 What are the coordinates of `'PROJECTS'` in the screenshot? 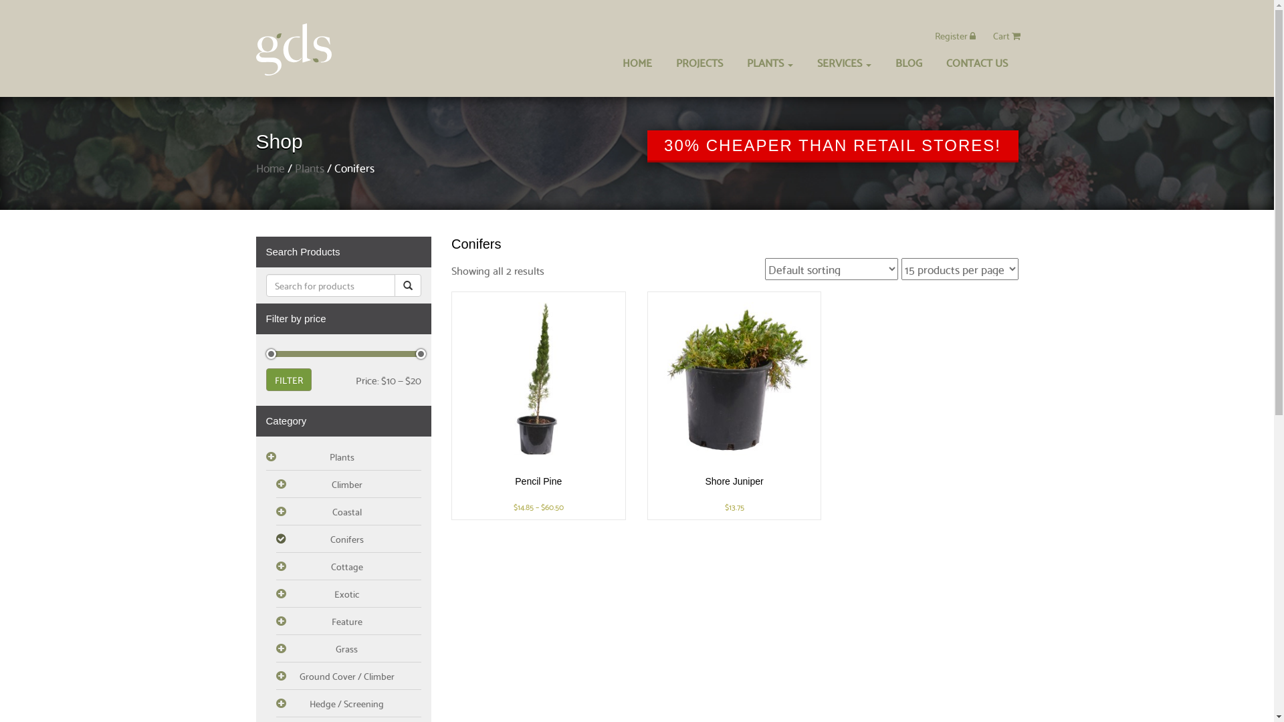 It's located at (698, 62).